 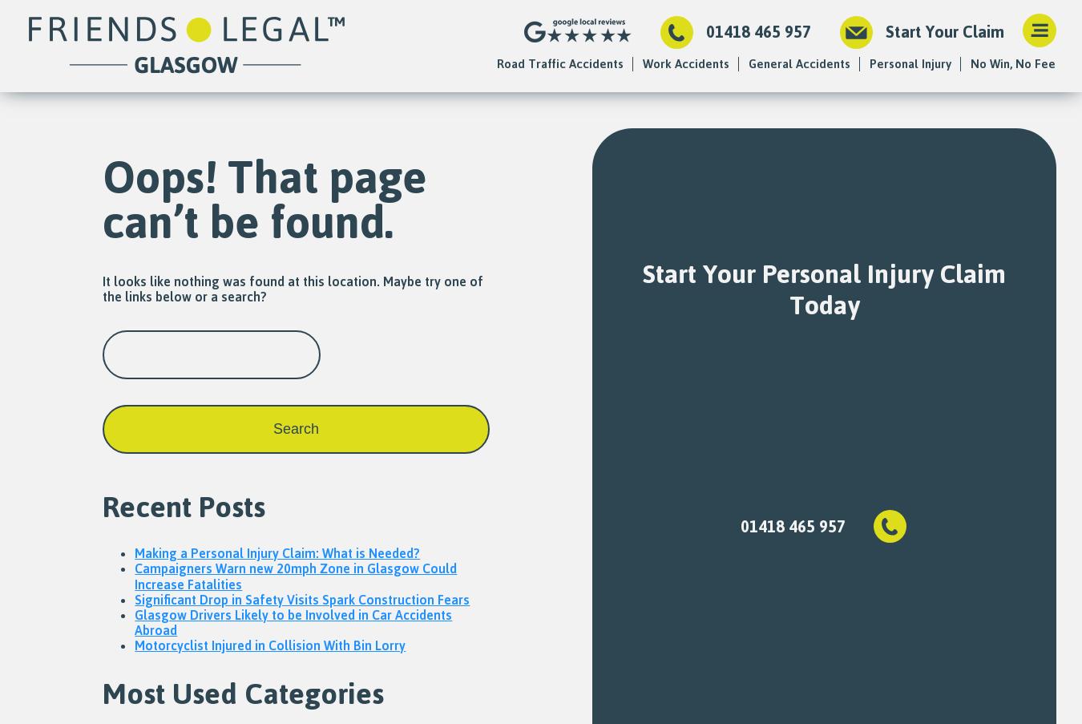 I want to click on 'Fatal Accidents', so click(x=894, y=94).